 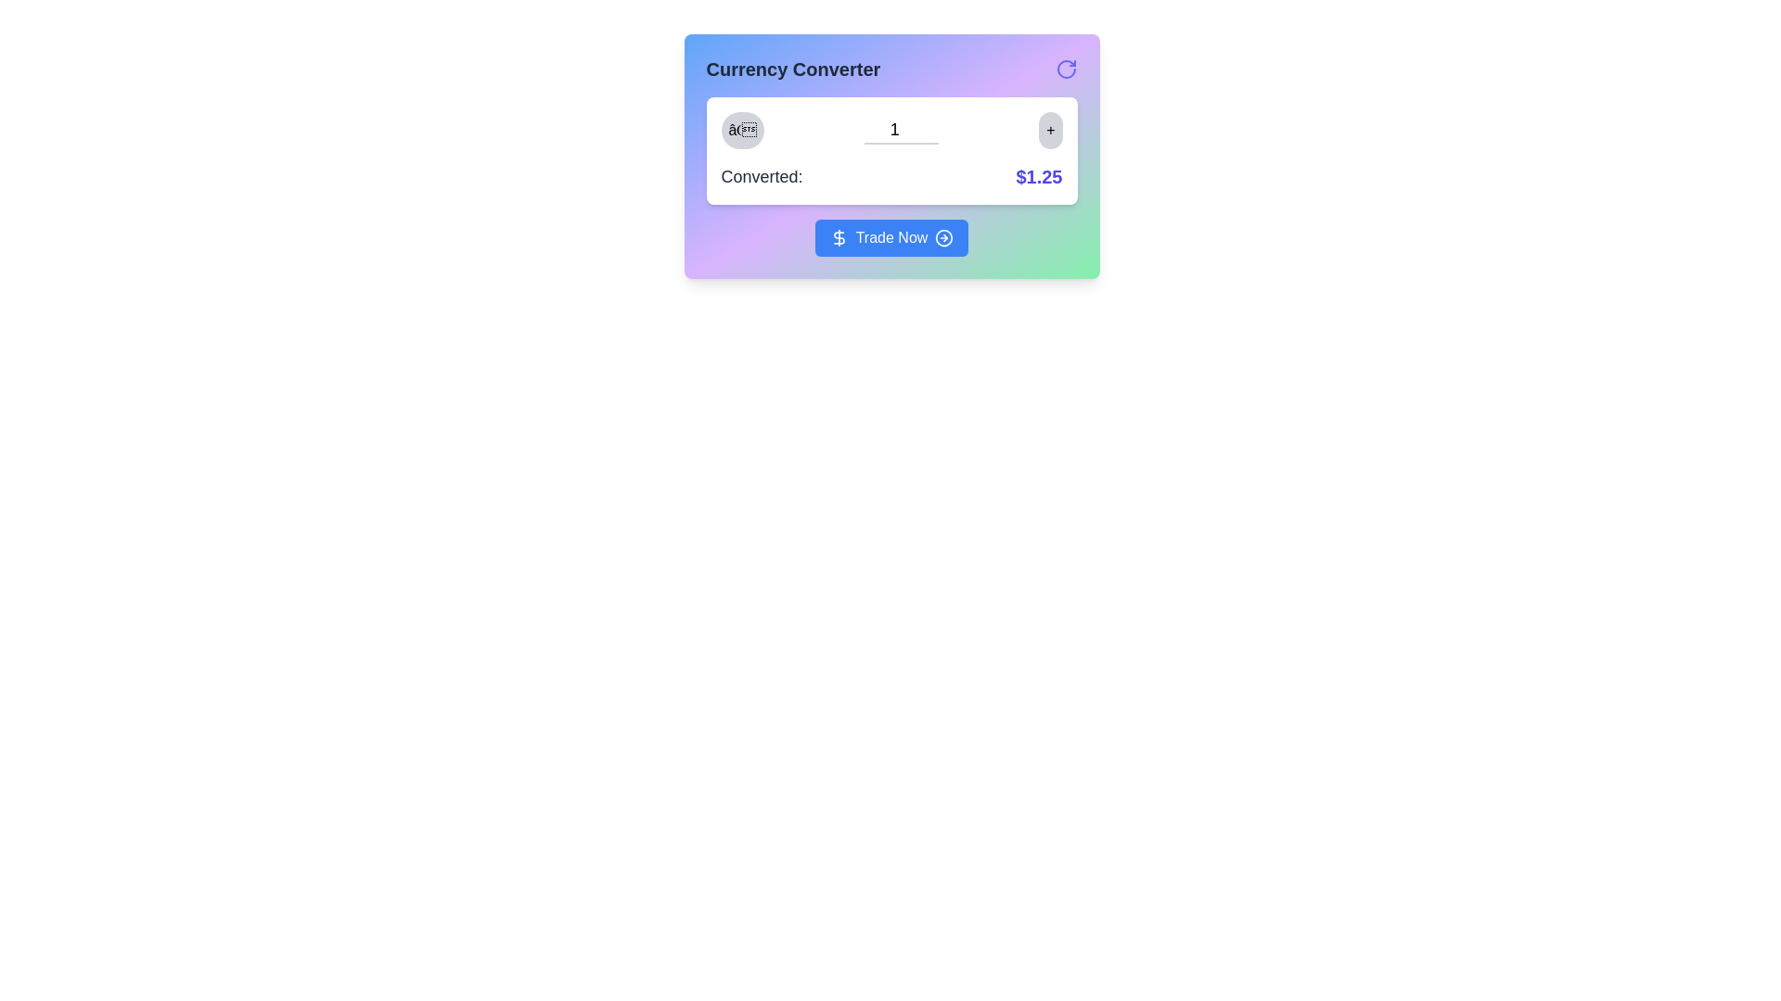 I want to click on the 'Trade Now' button located in the lower section of the interface, so click(x=891, y=237).